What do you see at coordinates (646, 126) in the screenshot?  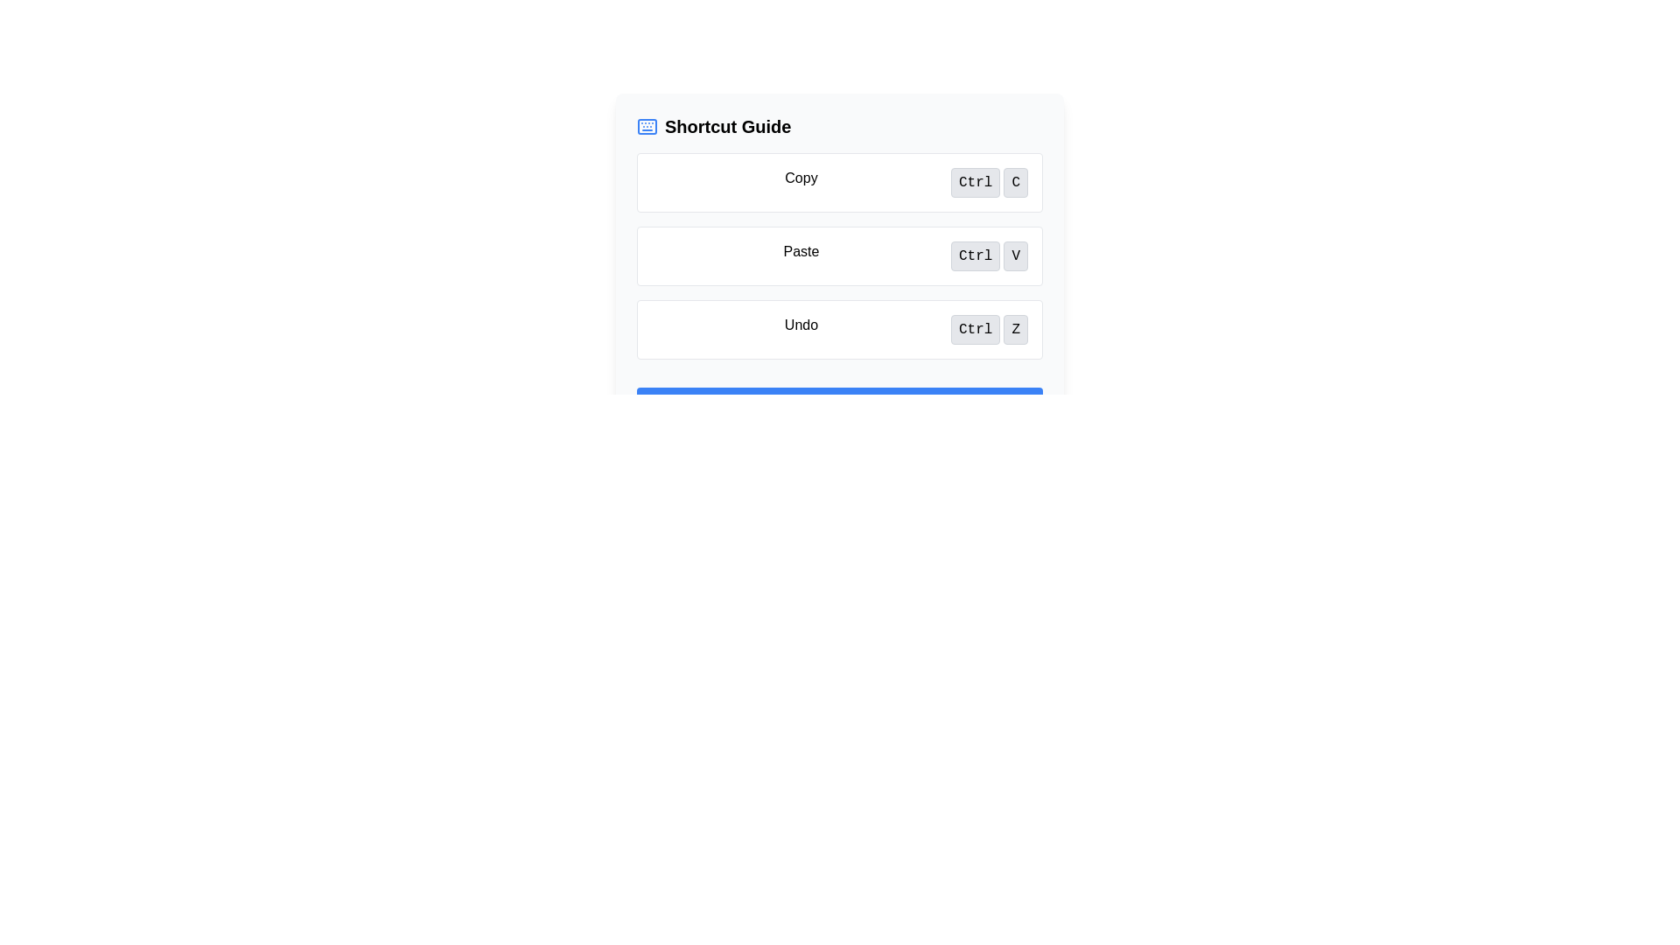 I see `the decorative vector component styled as a key in the SVG keyboard icon located near the heading 'Shortcut Guide'` at bounding box center [646, 126].